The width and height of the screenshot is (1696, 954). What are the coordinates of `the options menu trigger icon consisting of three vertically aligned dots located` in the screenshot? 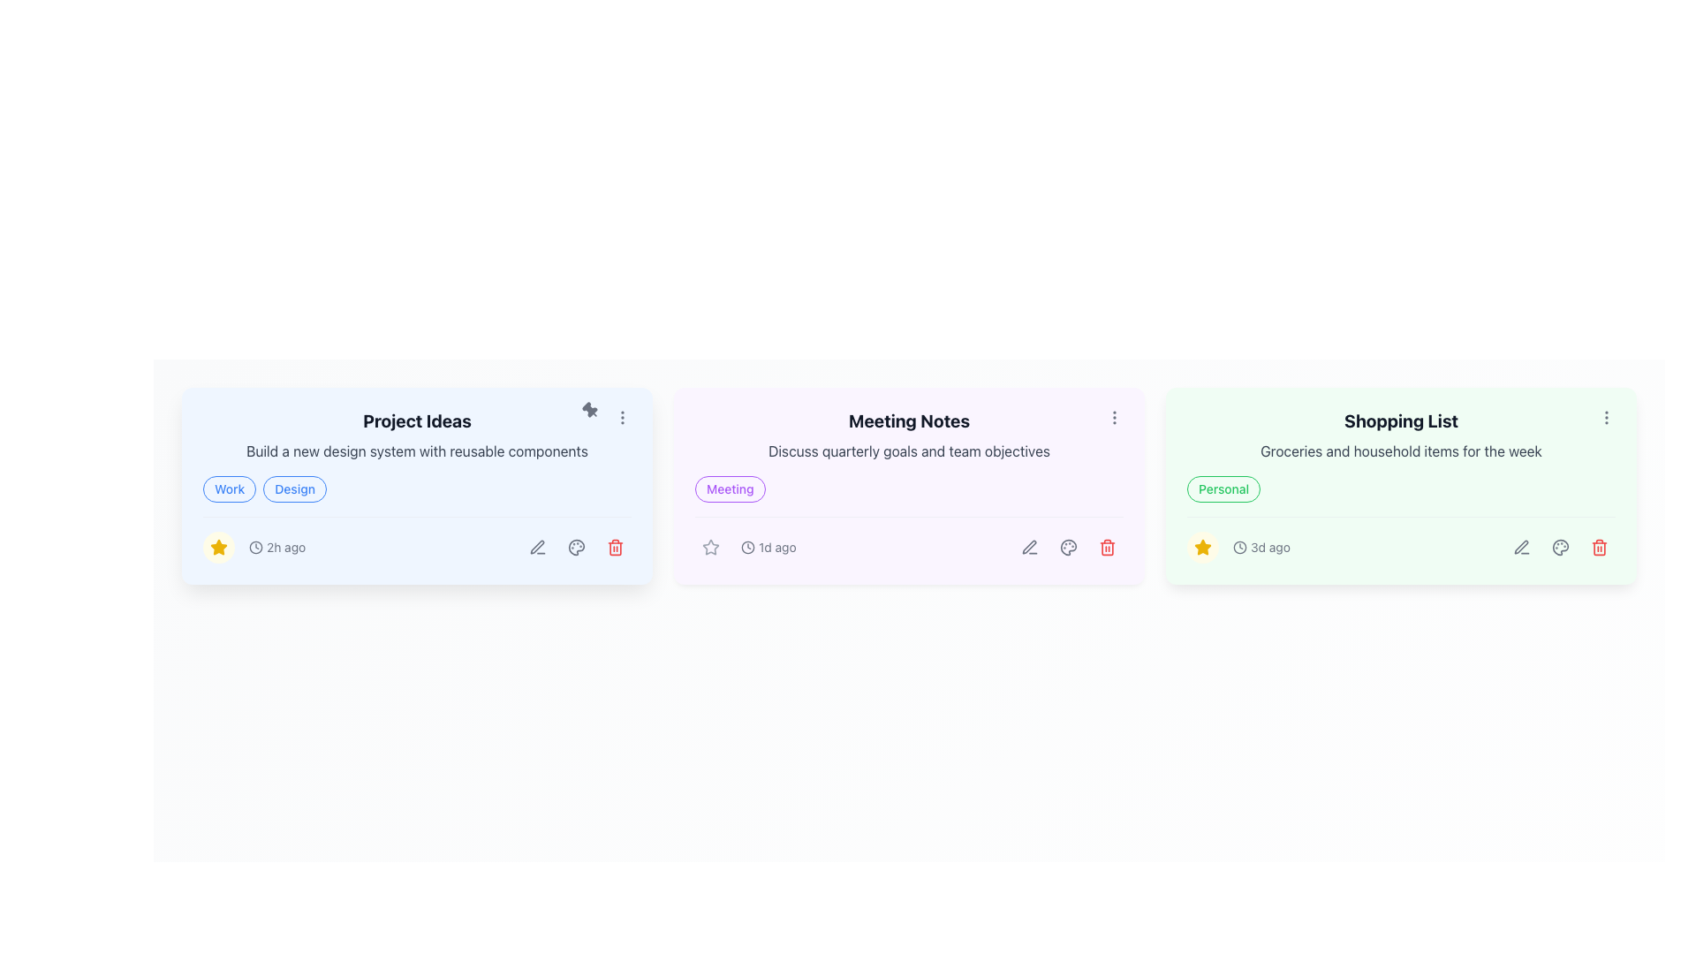 It's located at (623, 418).